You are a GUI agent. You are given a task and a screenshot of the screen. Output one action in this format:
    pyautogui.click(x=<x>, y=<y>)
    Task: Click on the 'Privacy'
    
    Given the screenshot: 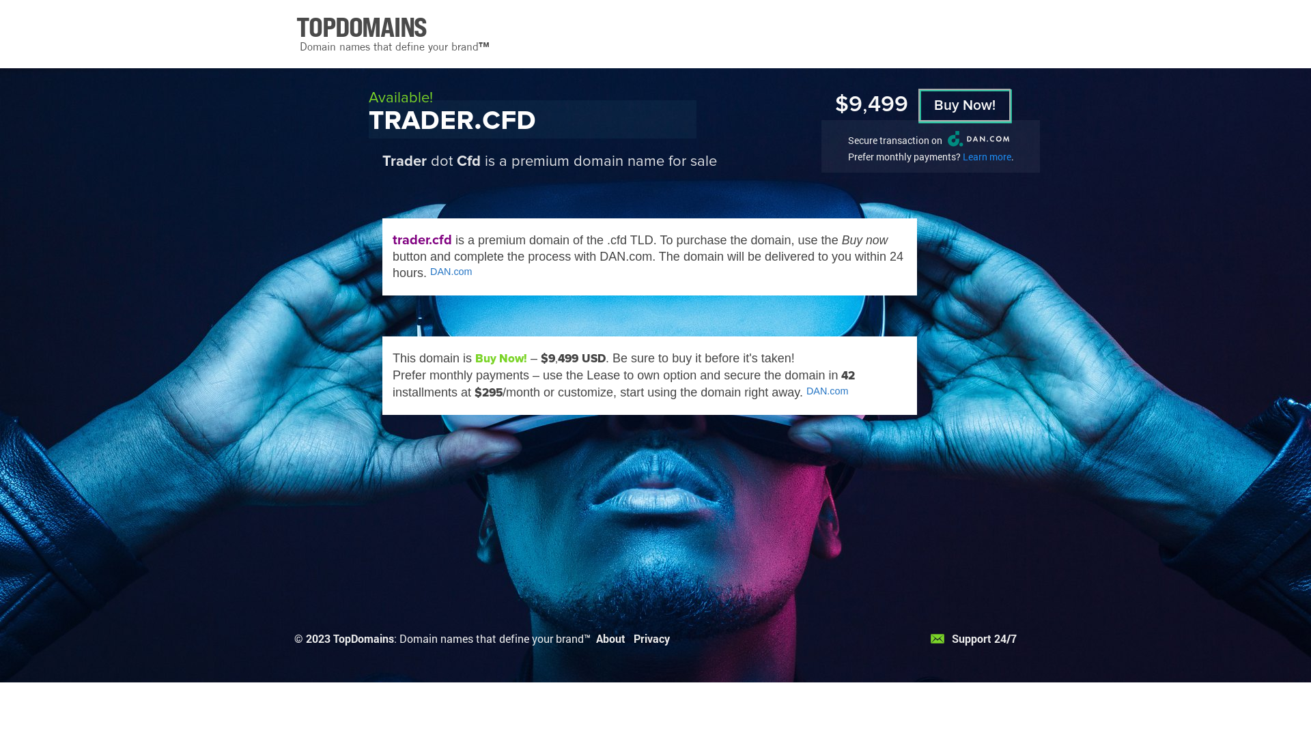 What is the action you would take?
    pyautogui.click(x=632, y=638)
    